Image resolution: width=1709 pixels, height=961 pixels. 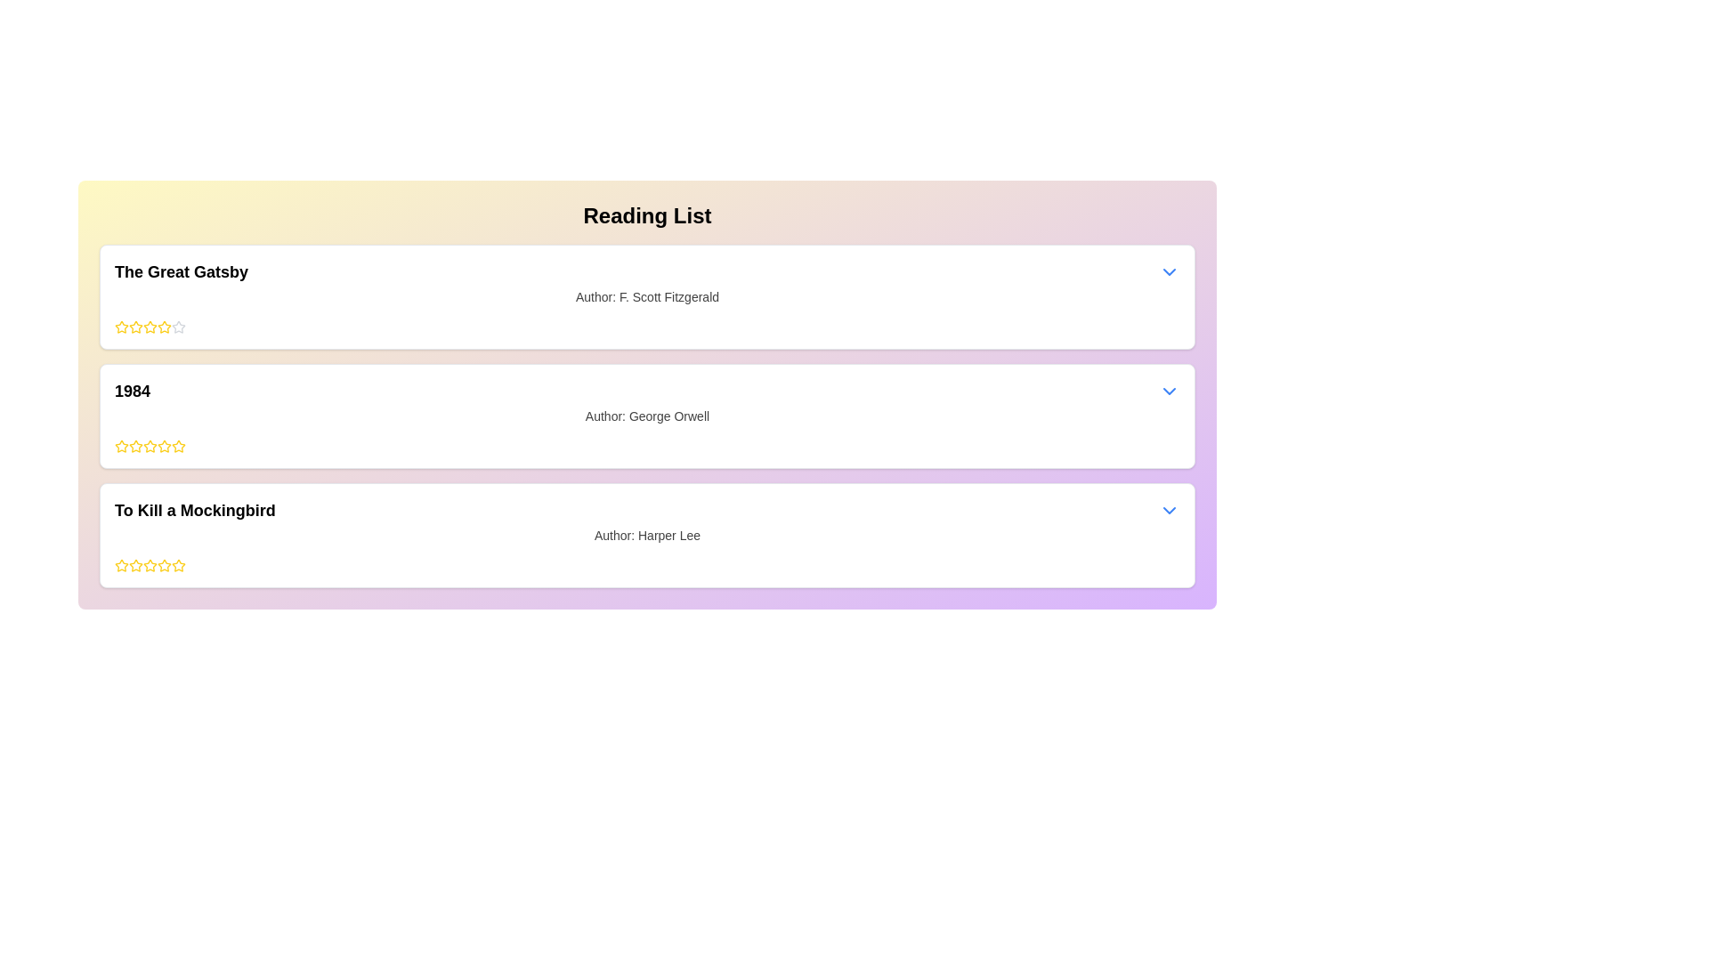 What do you see at coordinates (150, 327) in the screenshot?
I see `the fourth star-shaped rating icon outlined in yellow to rate the book 'The Great Gatsby'` at bounding box center [150, 327].